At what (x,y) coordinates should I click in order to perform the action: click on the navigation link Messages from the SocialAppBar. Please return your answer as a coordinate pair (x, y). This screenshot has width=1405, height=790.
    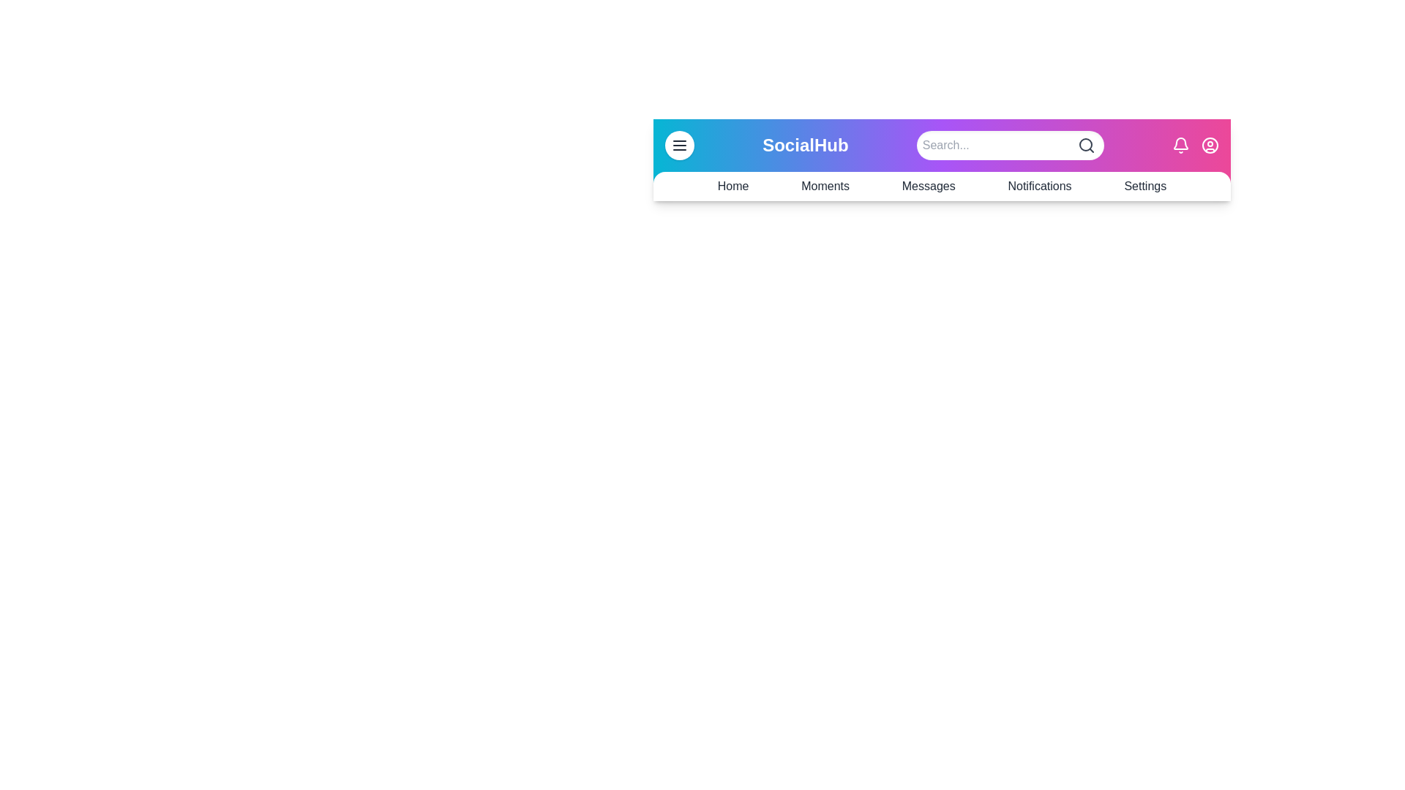
    Looking at the image, I should click on (927, 185).